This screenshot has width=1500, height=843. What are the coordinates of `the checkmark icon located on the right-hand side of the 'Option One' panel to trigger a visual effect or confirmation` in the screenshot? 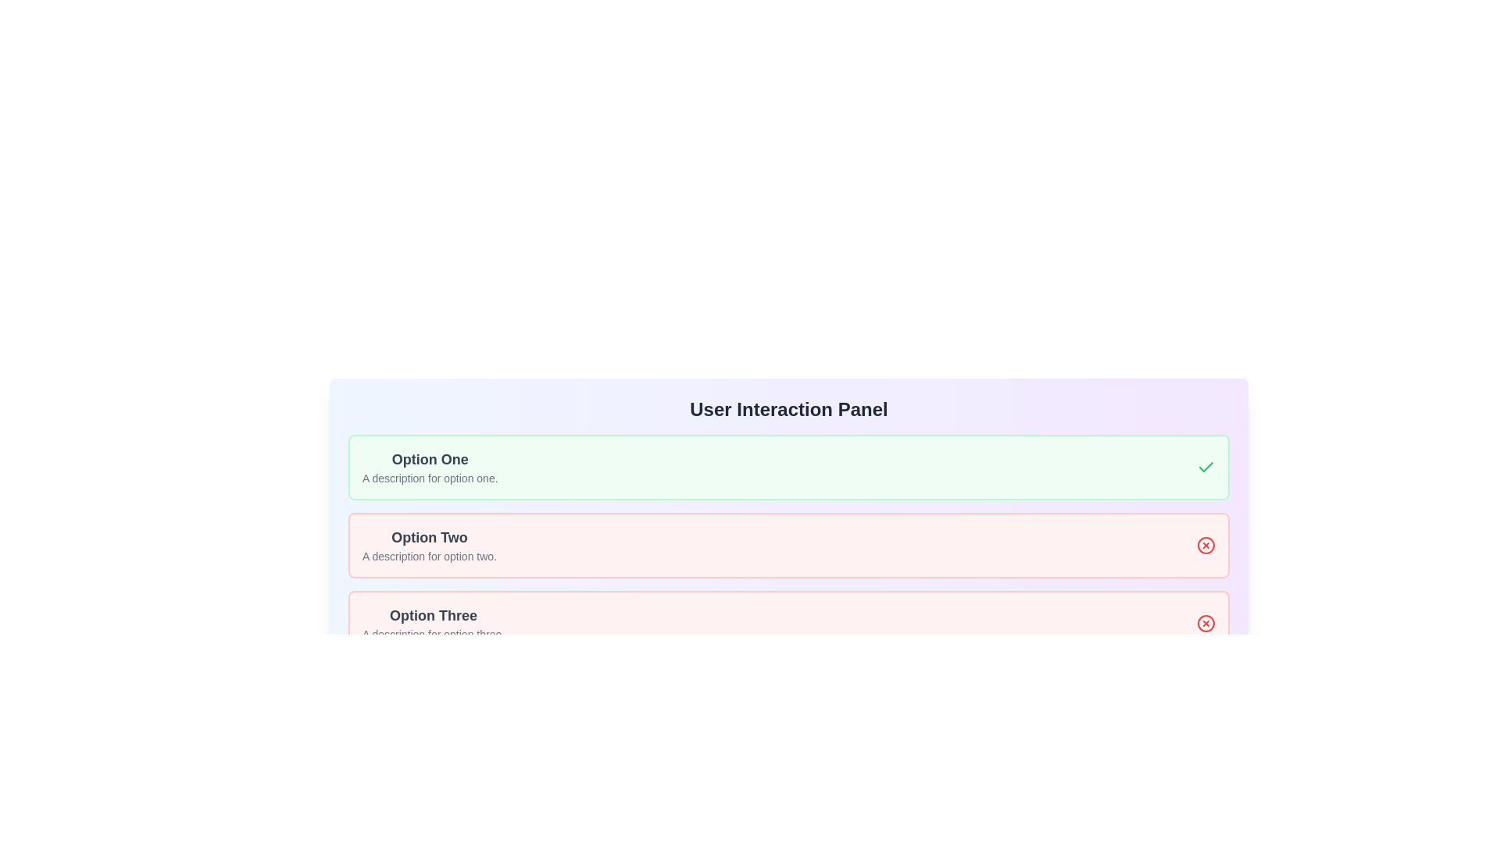 It's located at (1205, 465).